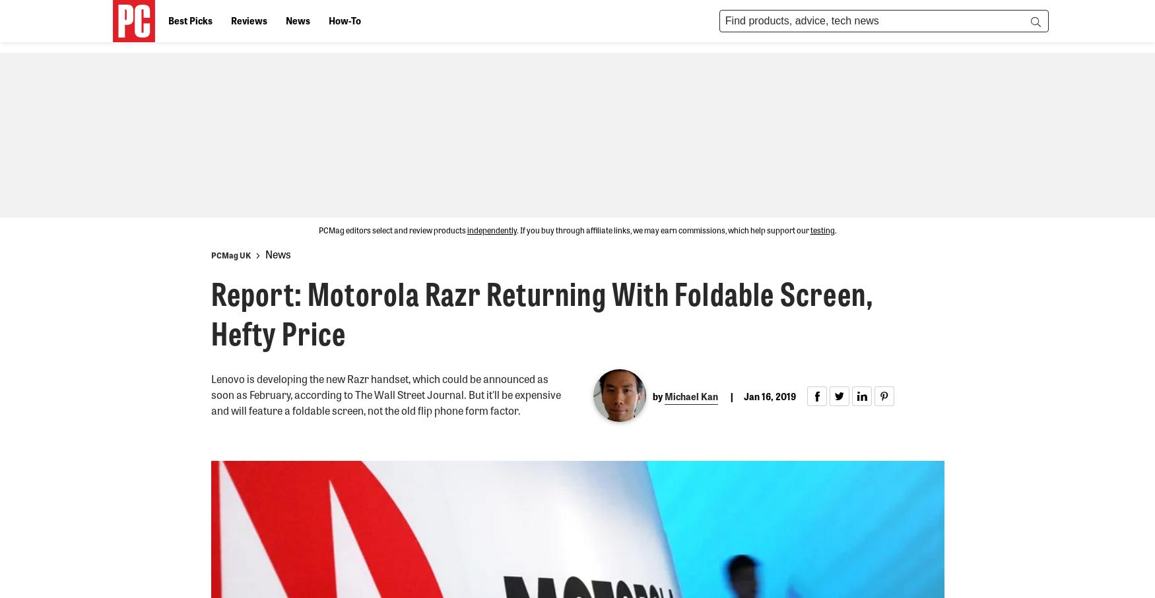 The height and width of the screenshot is (598, 1155). I want to click on '.', so click(834, 229).